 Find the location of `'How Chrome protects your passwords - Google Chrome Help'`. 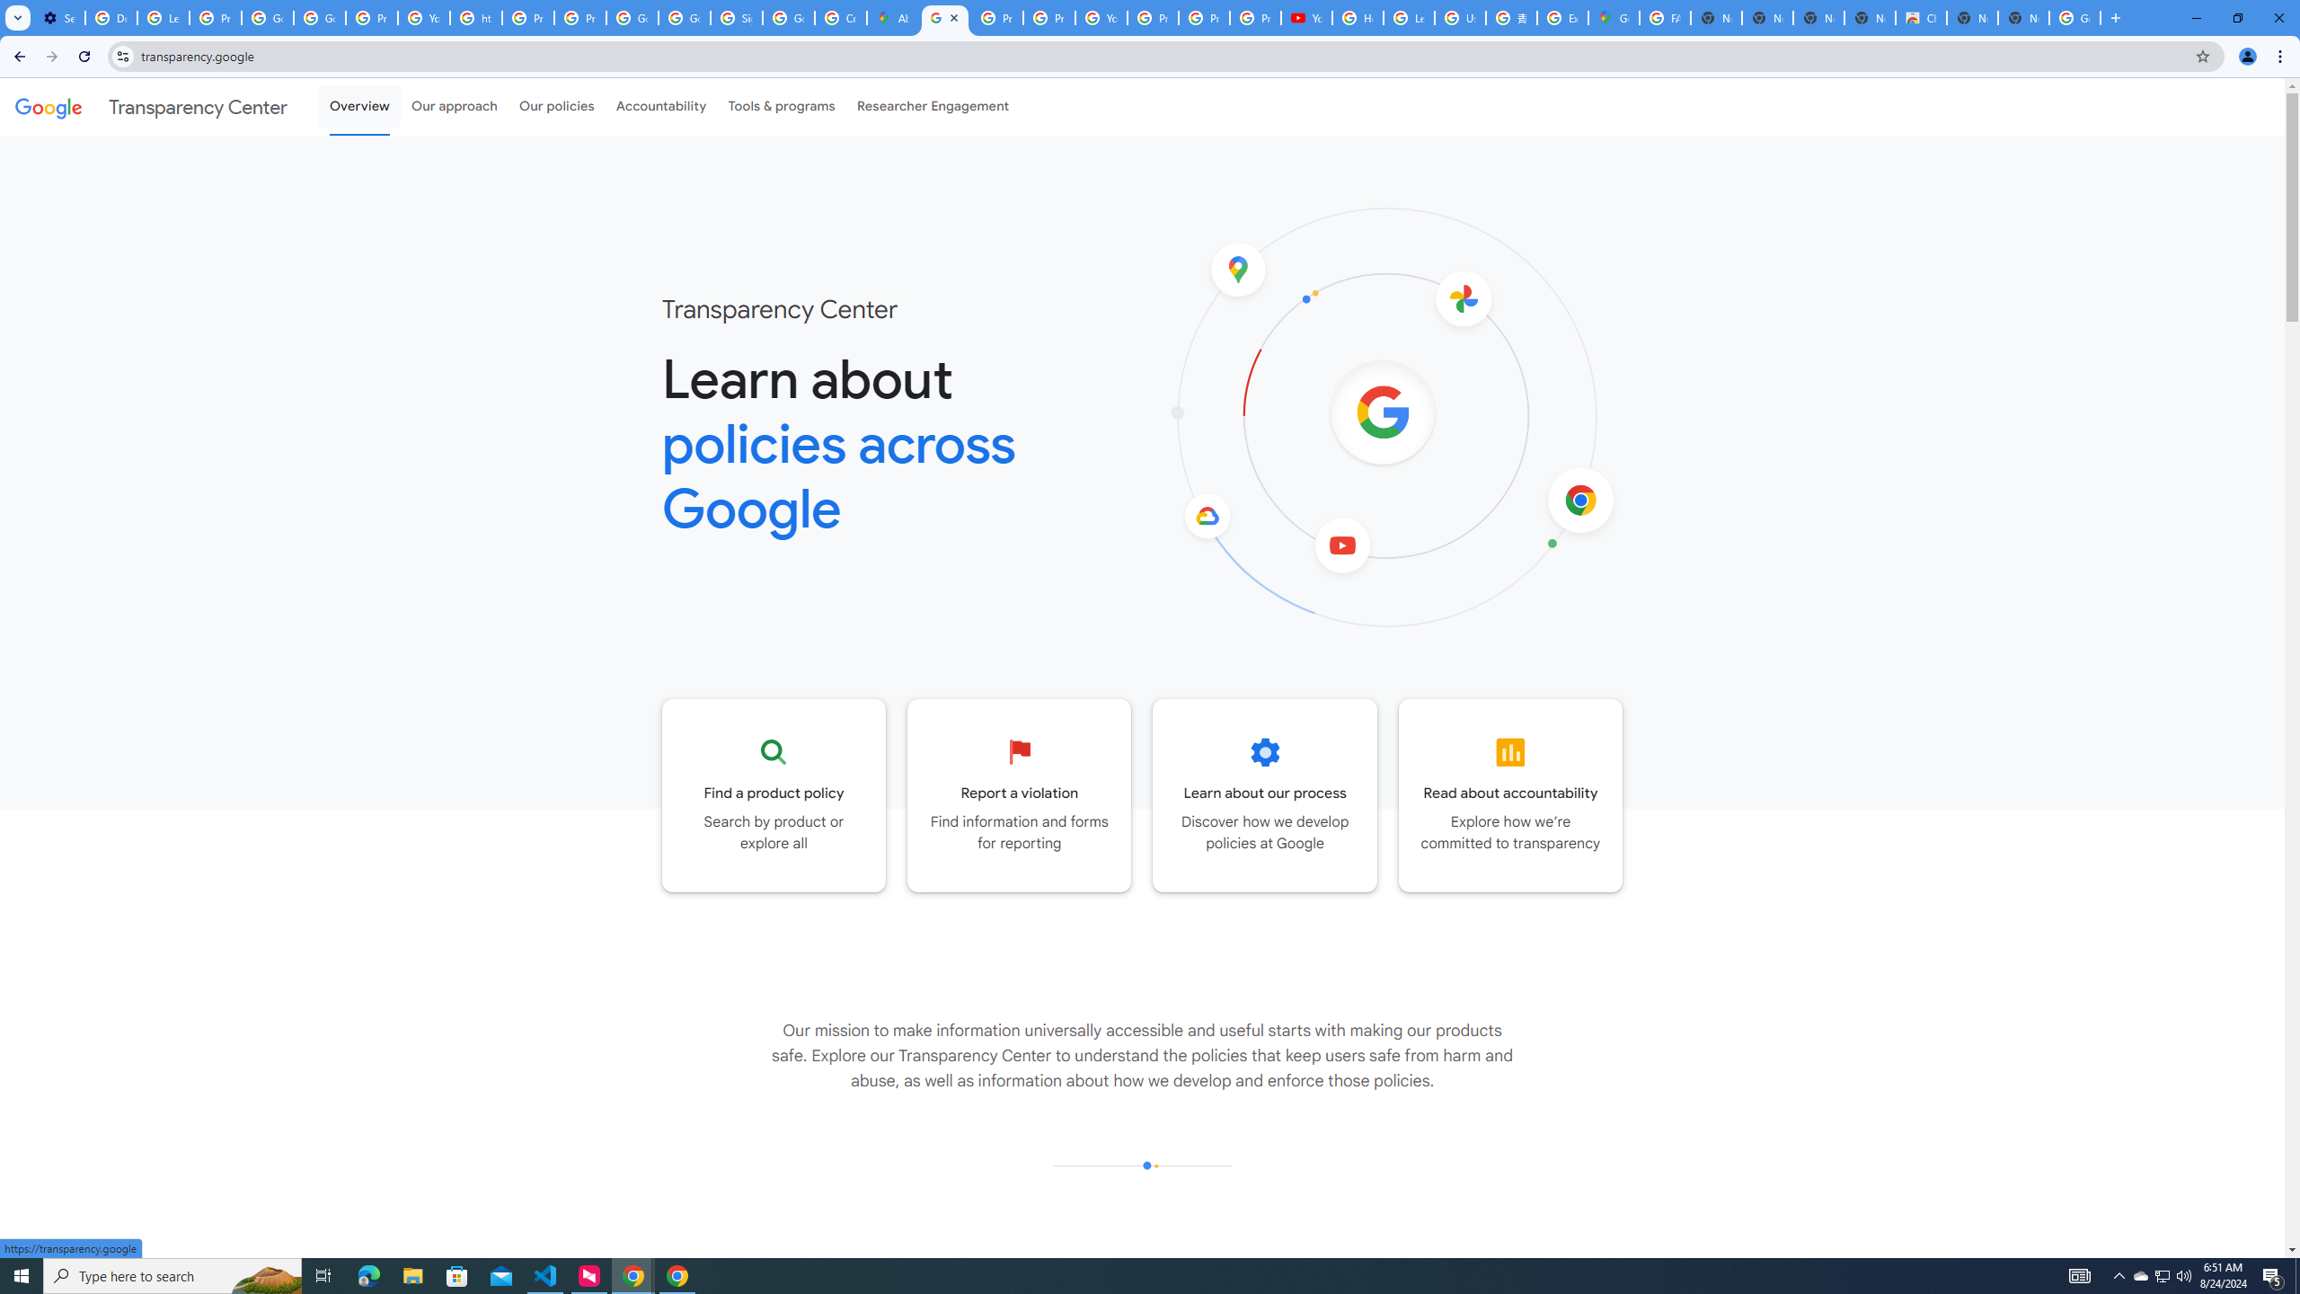

'How Chrome protects your passwords - Google Chrome Help' is located at coordinates (1358, 17).